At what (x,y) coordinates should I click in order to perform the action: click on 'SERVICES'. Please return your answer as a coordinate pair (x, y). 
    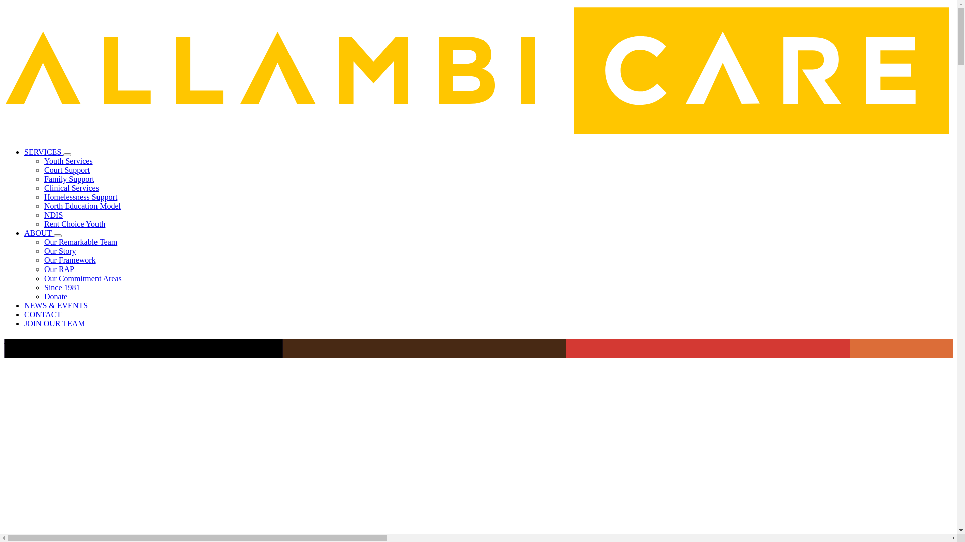
    Looking at the image, I should click on (43, 152).